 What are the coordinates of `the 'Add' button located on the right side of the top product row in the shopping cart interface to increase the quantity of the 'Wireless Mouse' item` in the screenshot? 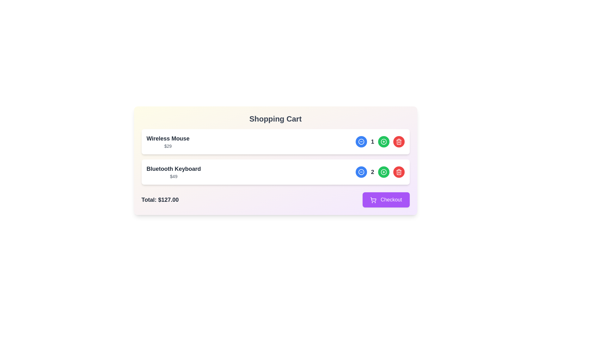 It's located at (383, 141).